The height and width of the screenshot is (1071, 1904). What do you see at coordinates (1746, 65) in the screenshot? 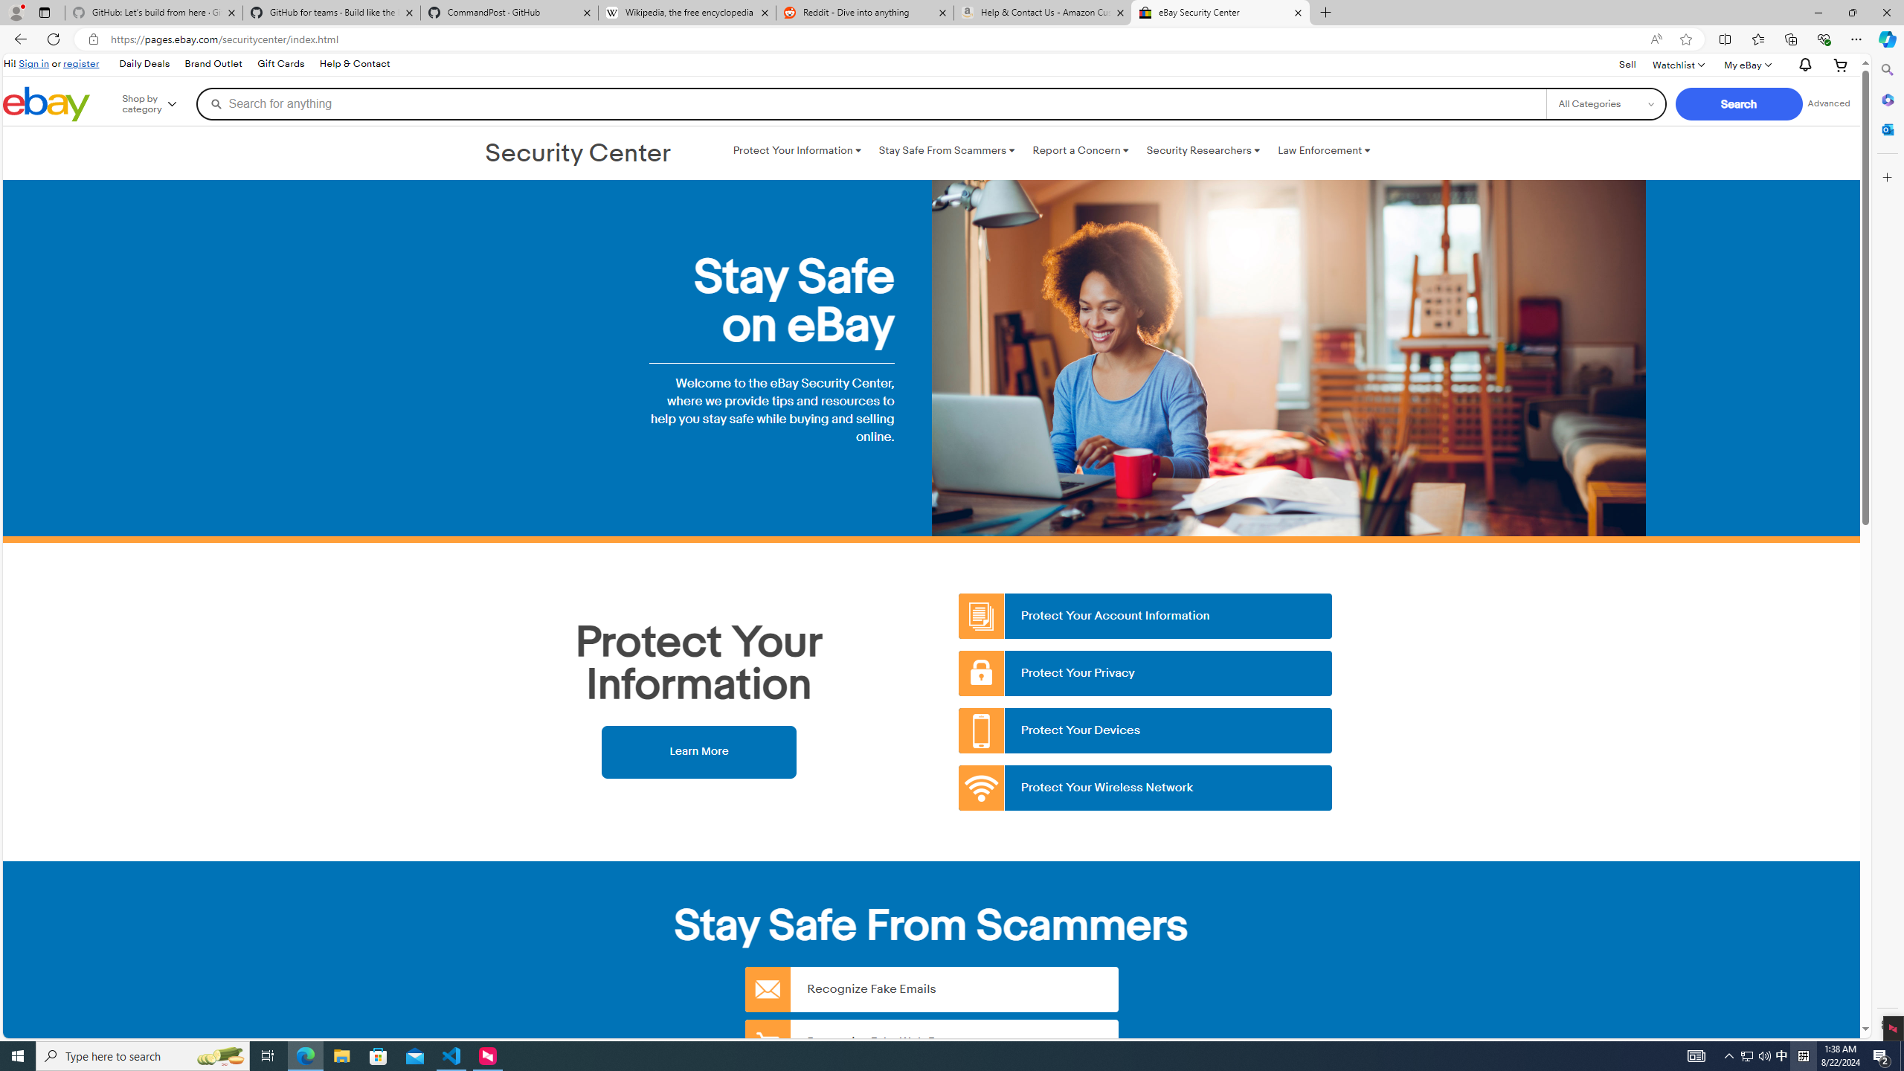
I see `'My eBayExpand My eBay'` at bounding box center [1746, 65].